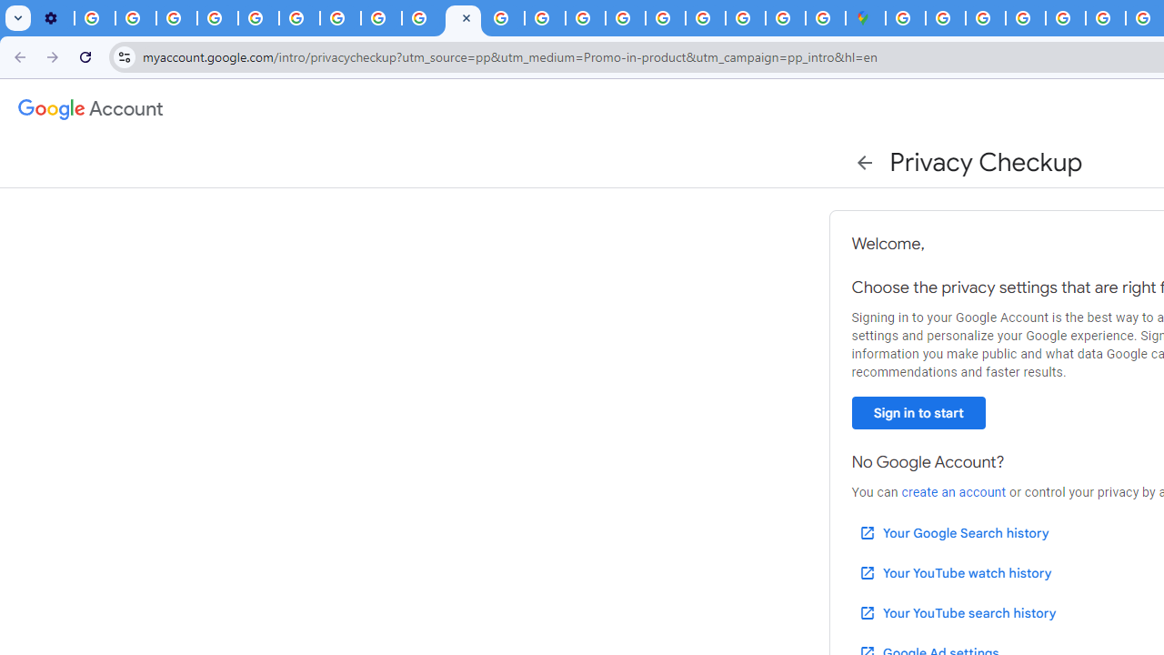 The width and height of the screenshot is (1164, 655). I want to click on 'Google Maps', so click(865, 18).